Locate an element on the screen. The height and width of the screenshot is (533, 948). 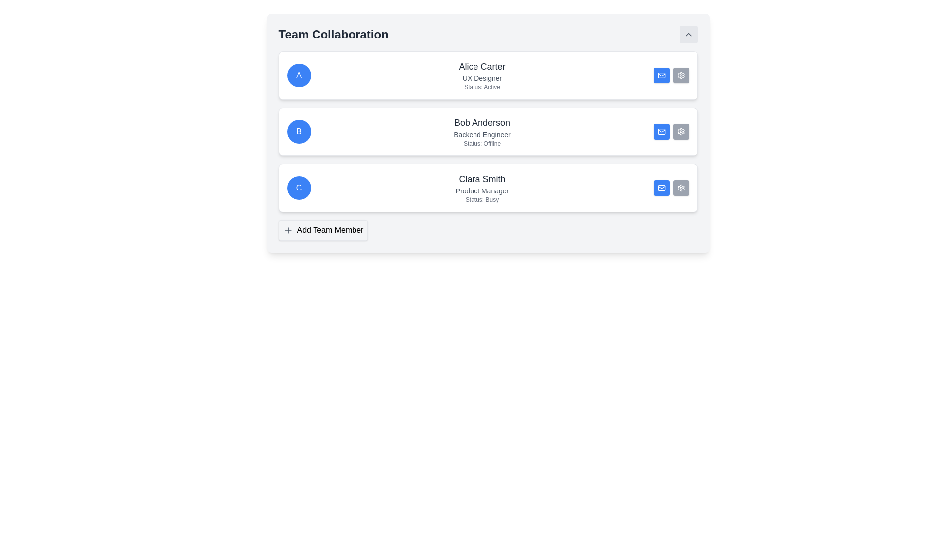
the settings cogwheel icon located in the top-right corner of the card associated with the user 'Alice Carter' is located at coordinates (680, 75).